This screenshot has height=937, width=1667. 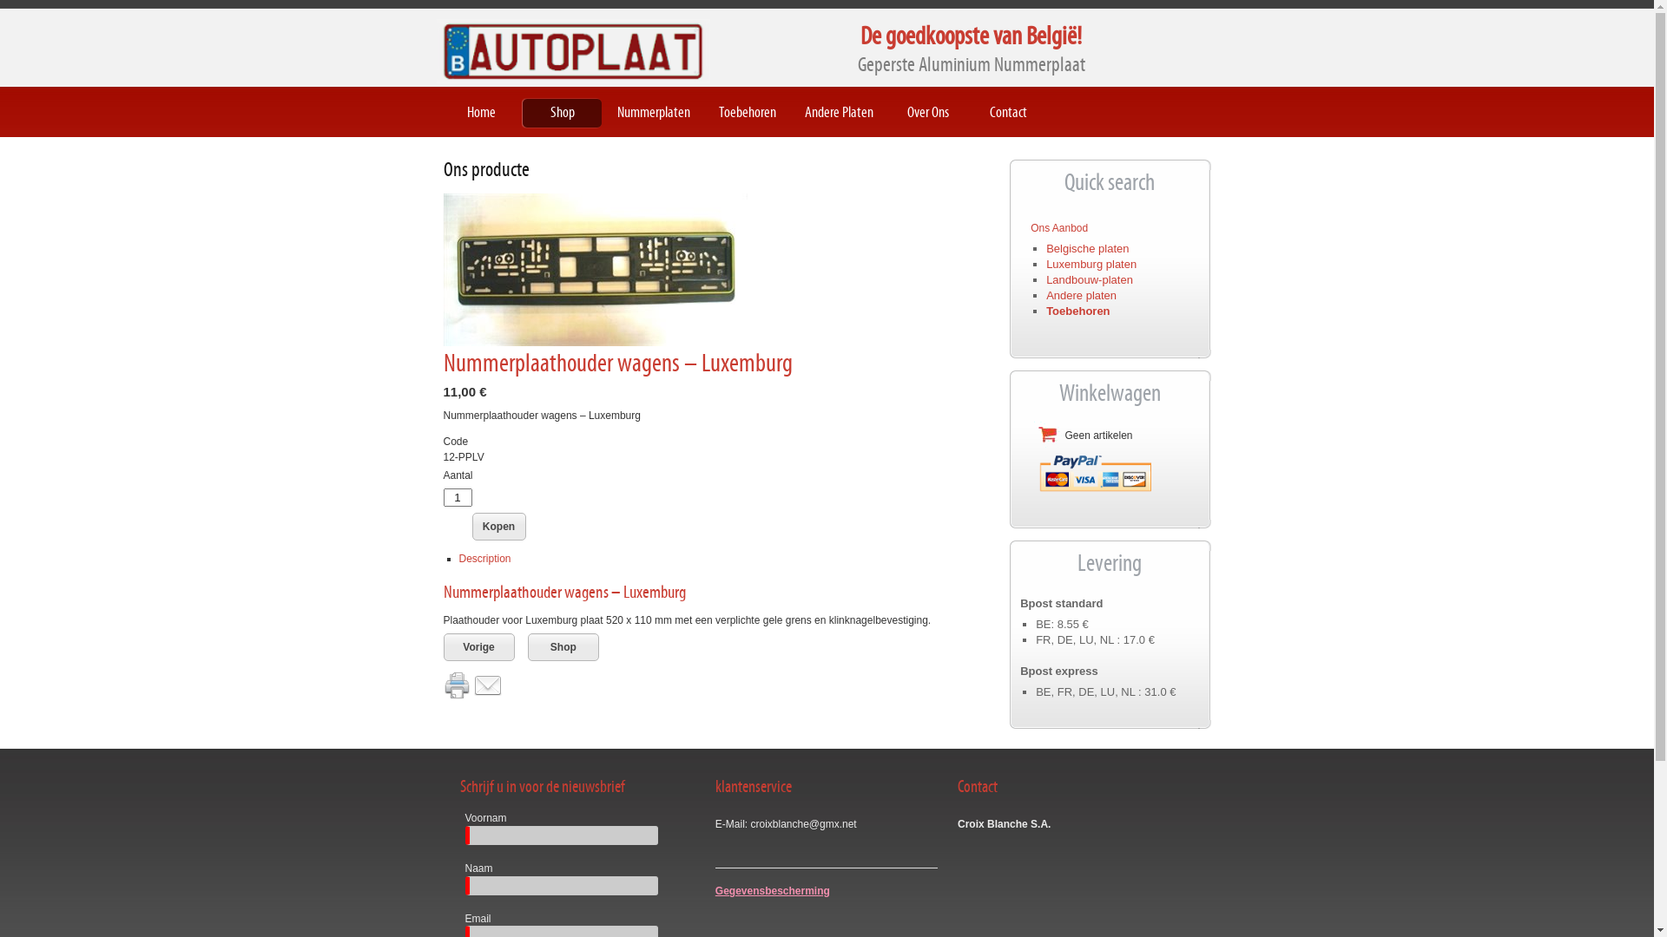 What do you see at coordinates (498, 524) in the screenshot?
I see `'Kopen'` at bounding box center [498, 524].